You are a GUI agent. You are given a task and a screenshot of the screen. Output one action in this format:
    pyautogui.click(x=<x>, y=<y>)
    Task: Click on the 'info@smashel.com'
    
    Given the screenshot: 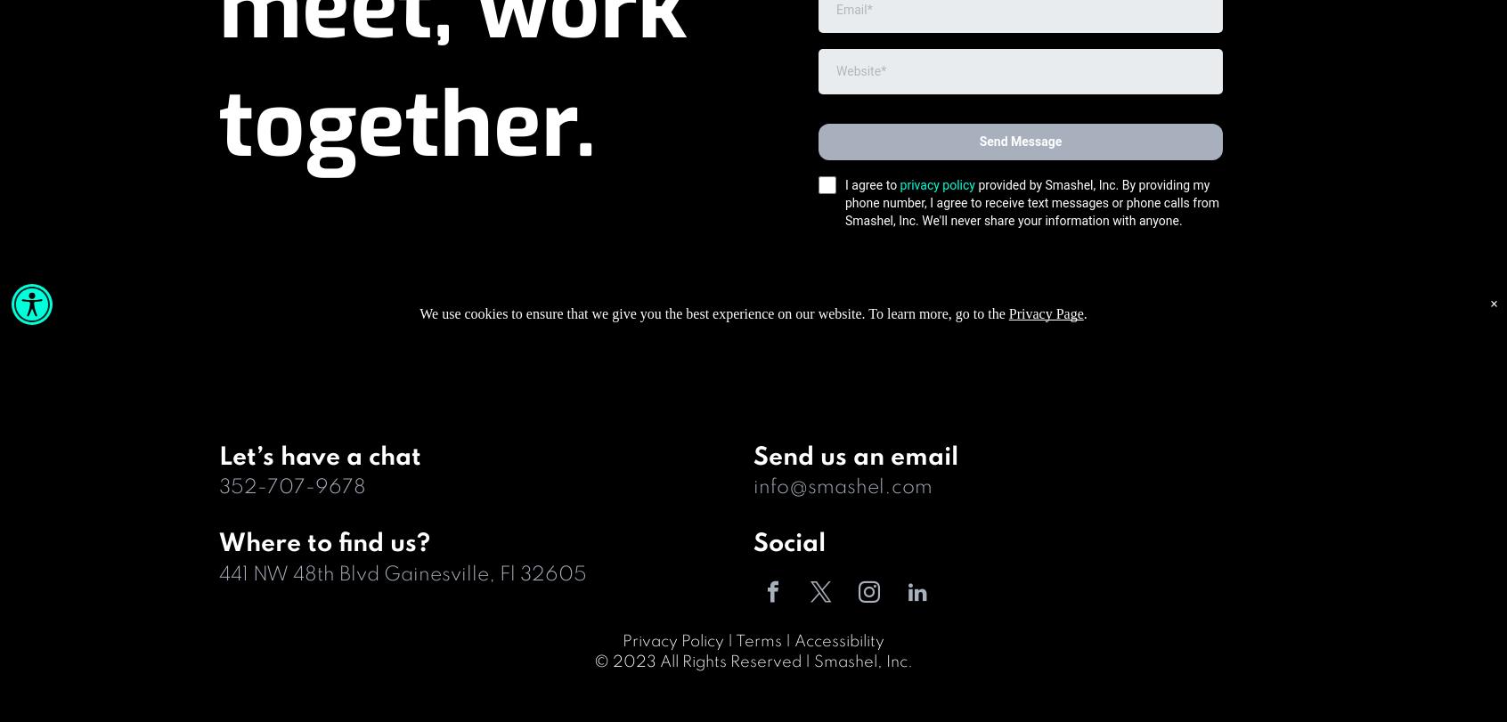 What is the action you would take?
    pyautogui.click(x=843, y=486)
    